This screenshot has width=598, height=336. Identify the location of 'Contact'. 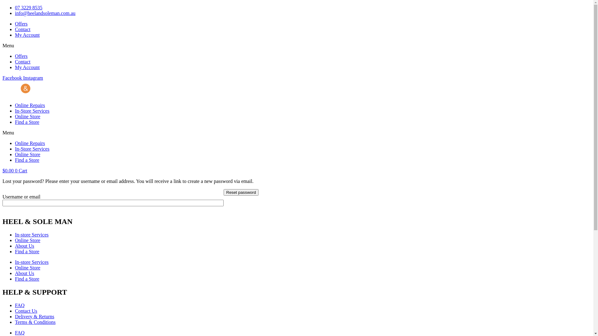
(15, 29).